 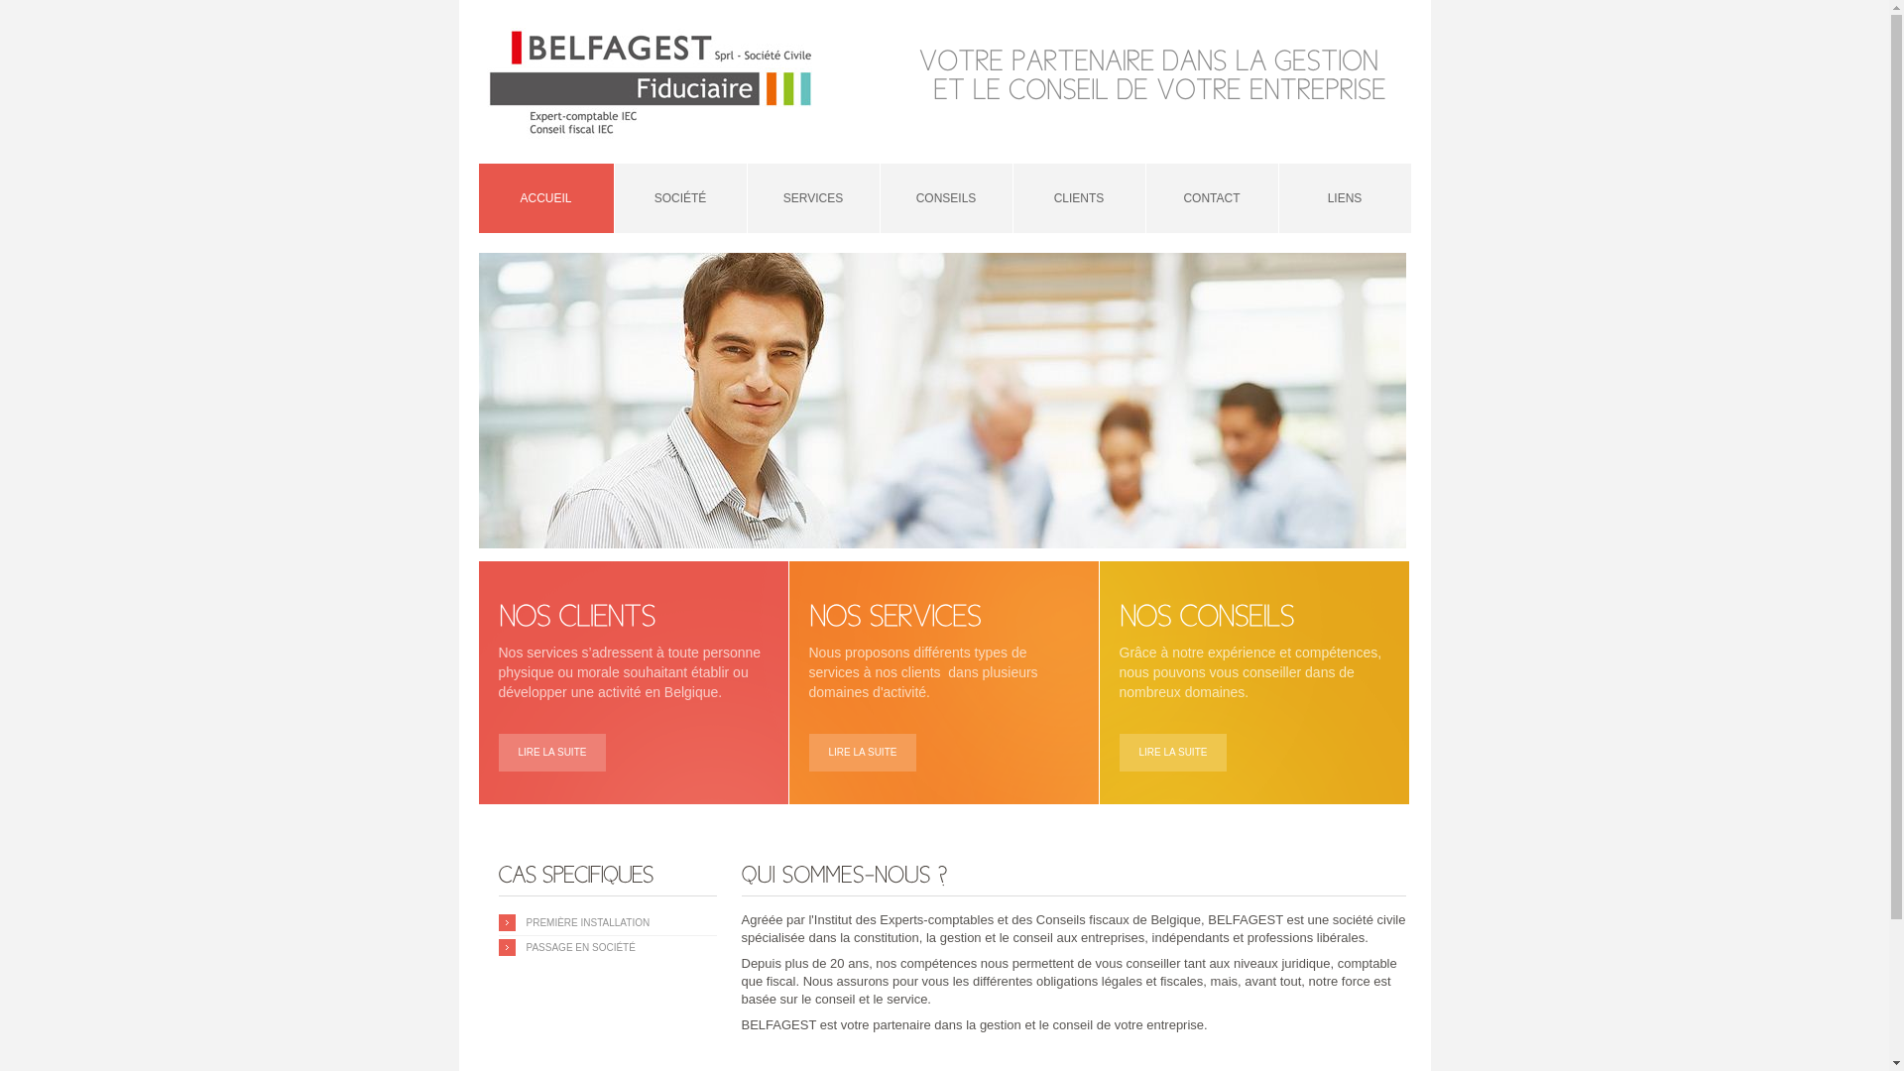 What do you see at coordinates (1172, 753) in the screenshot?
I see `'LIRE LA SUITE'` at bounding box center [1172, 753].